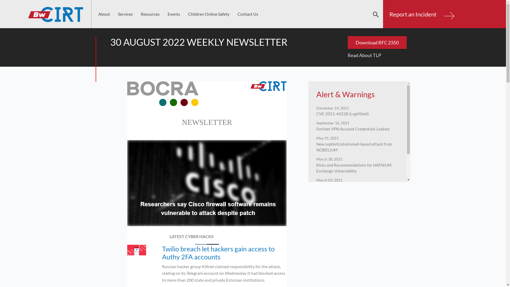  What do you see at coordinates (377, 42) in the screenshot?
I see `'Download RFC 2350'` at bounding box center [377, 42].